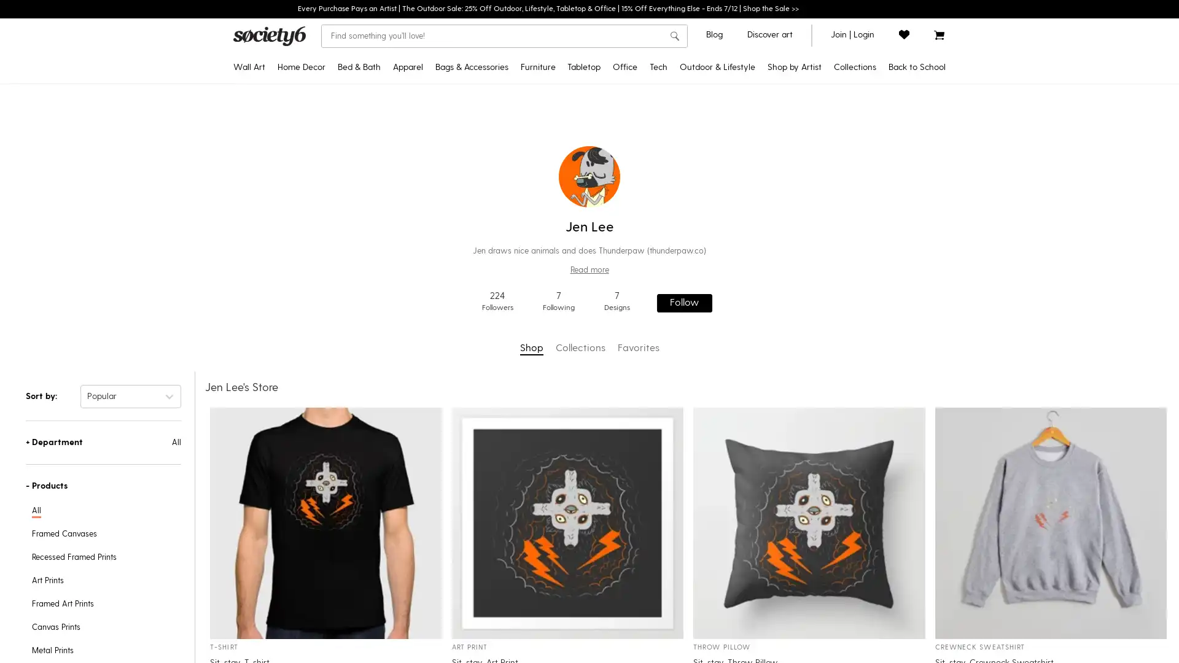  I want to click on Jigsaw Puzzles, so click(655, 158).